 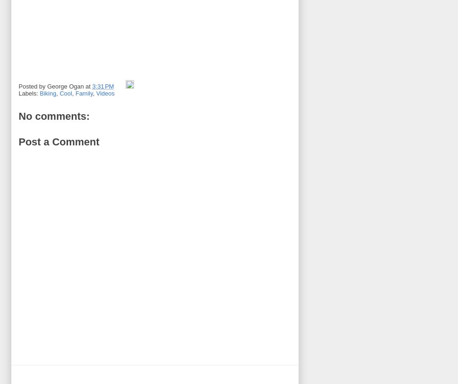 I want to click on 'No comments:', so click(x=54, y=116).